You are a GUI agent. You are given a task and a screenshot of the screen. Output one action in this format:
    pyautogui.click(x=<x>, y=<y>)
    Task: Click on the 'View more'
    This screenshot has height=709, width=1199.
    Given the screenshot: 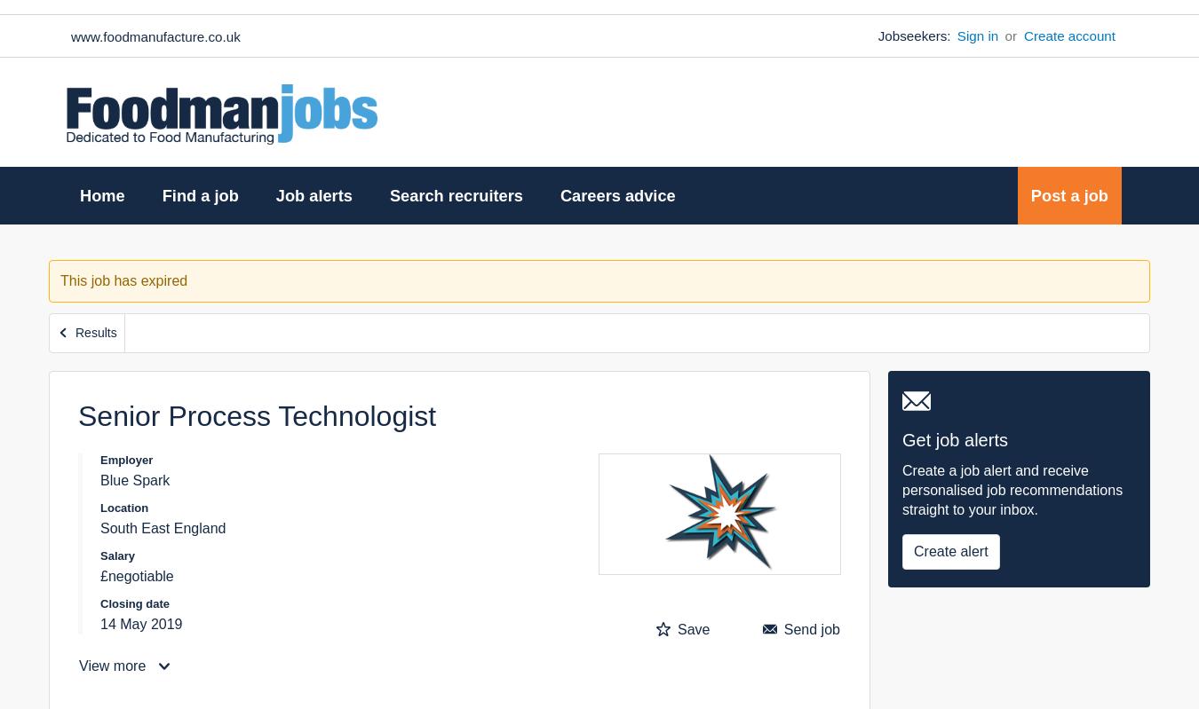 What is the action you would take?
    pyautogui.click(x=114, y=666)
    